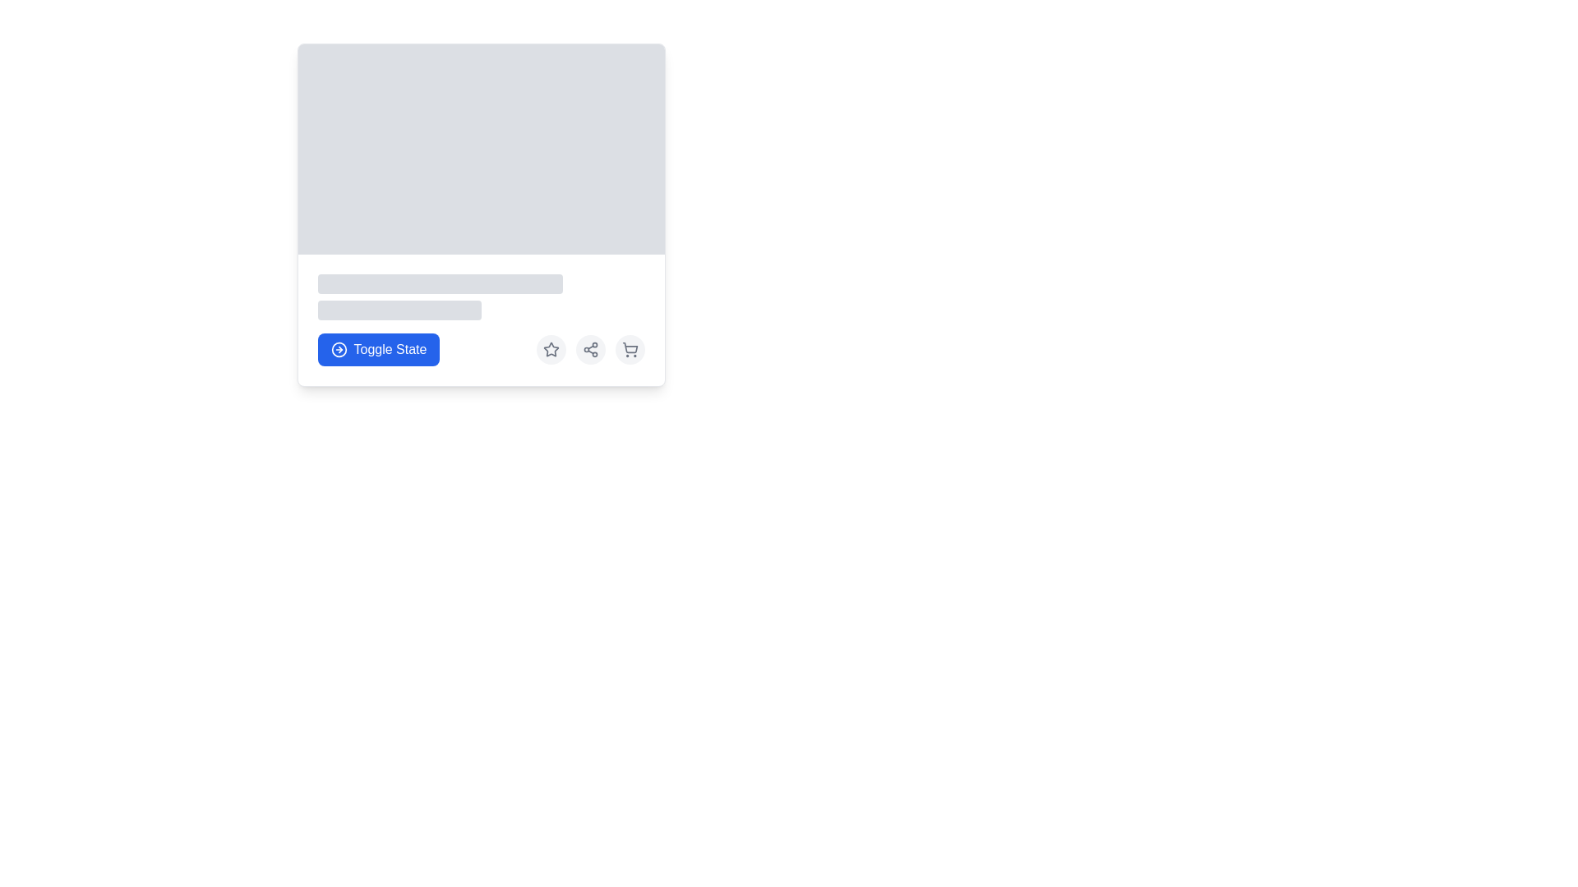 The width and height of the screenshot is (1578, 887). Describe the element at coordinates (551, 348) in the screenshot. I see `the first circular button with a star icon to mark the item as favorite, located to the right of the 'Toggle State' button` at that location.